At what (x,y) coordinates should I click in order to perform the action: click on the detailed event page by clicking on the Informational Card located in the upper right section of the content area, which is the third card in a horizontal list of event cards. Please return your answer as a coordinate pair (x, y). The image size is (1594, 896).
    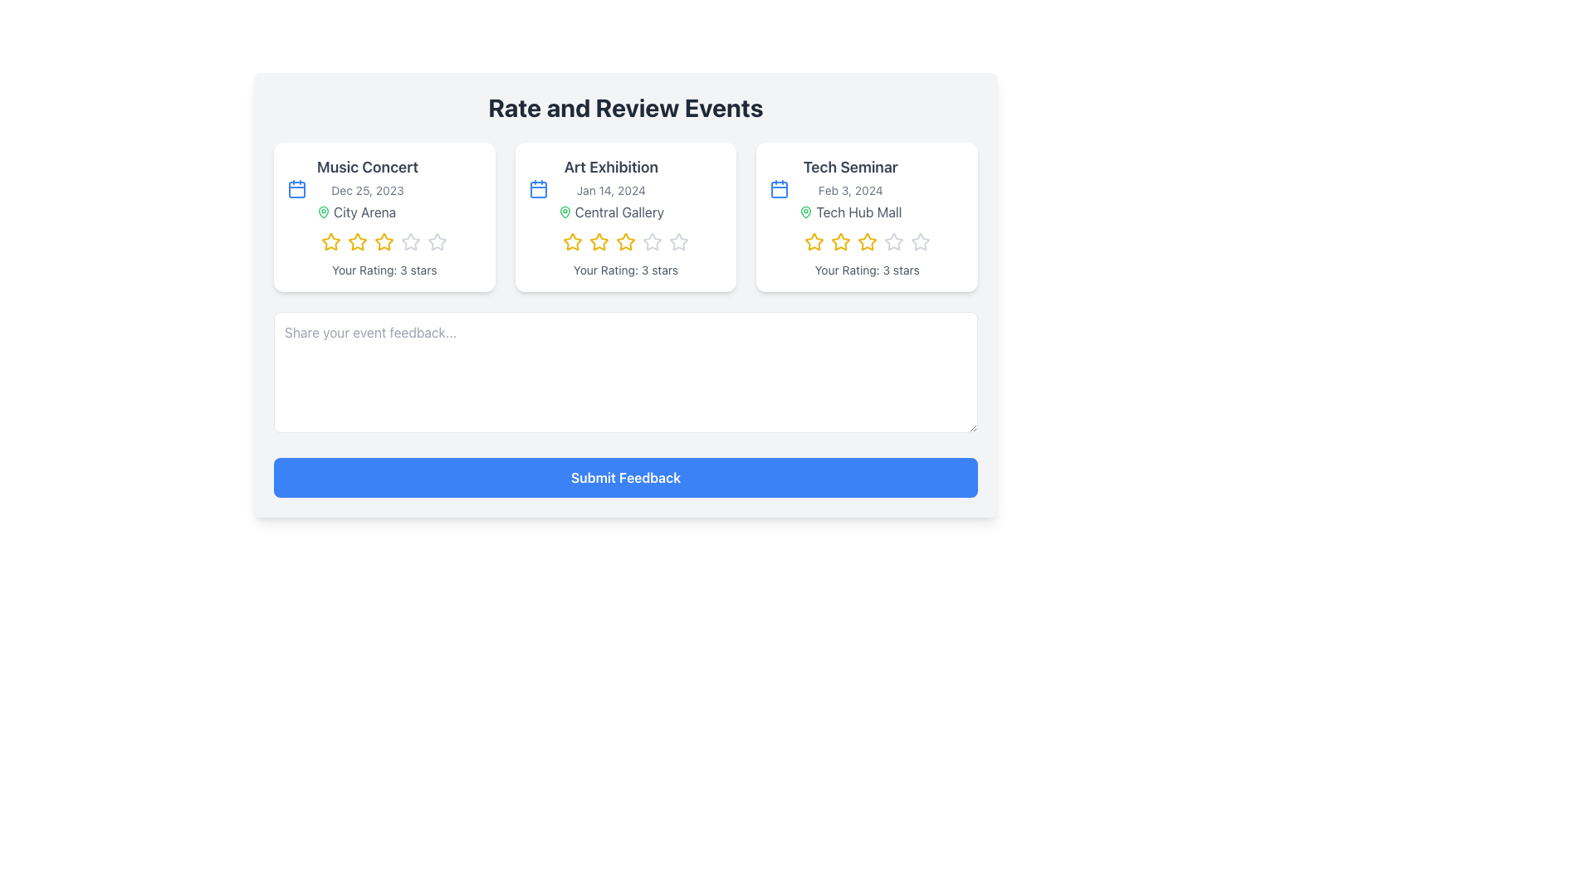
    Looking at the image, I should click on (849, 187).